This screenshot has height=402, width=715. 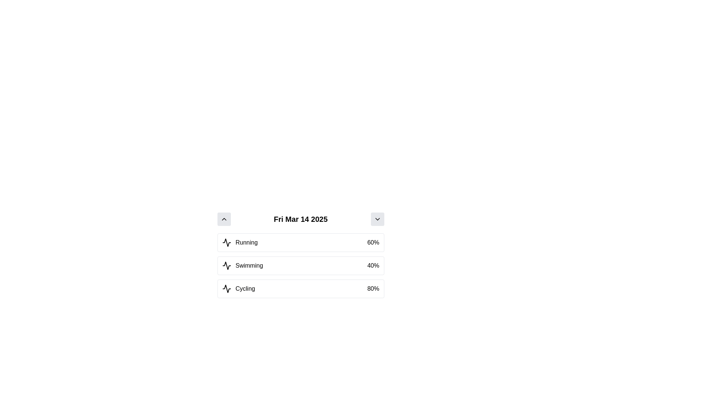 What do you see at coordinates (226, 265) in the screenshot?
I see `the 'Swimming' activity icon, which is the second icon in a vertical list of three, located to the left of the 'Swimming' label` at bounding box center [226, 265].